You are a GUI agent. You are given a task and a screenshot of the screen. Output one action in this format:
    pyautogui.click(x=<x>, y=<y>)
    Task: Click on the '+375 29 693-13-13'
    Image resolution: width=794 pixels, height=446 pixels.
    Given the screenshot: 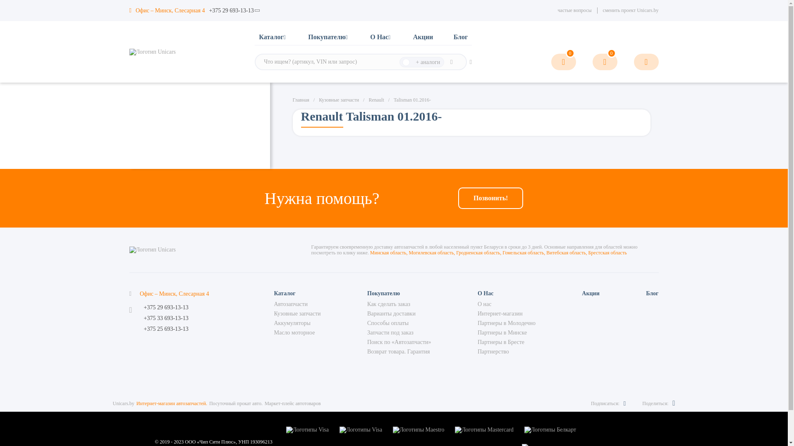 What is the action you would take?
    pyautogui.click(x=166, y=307)
    